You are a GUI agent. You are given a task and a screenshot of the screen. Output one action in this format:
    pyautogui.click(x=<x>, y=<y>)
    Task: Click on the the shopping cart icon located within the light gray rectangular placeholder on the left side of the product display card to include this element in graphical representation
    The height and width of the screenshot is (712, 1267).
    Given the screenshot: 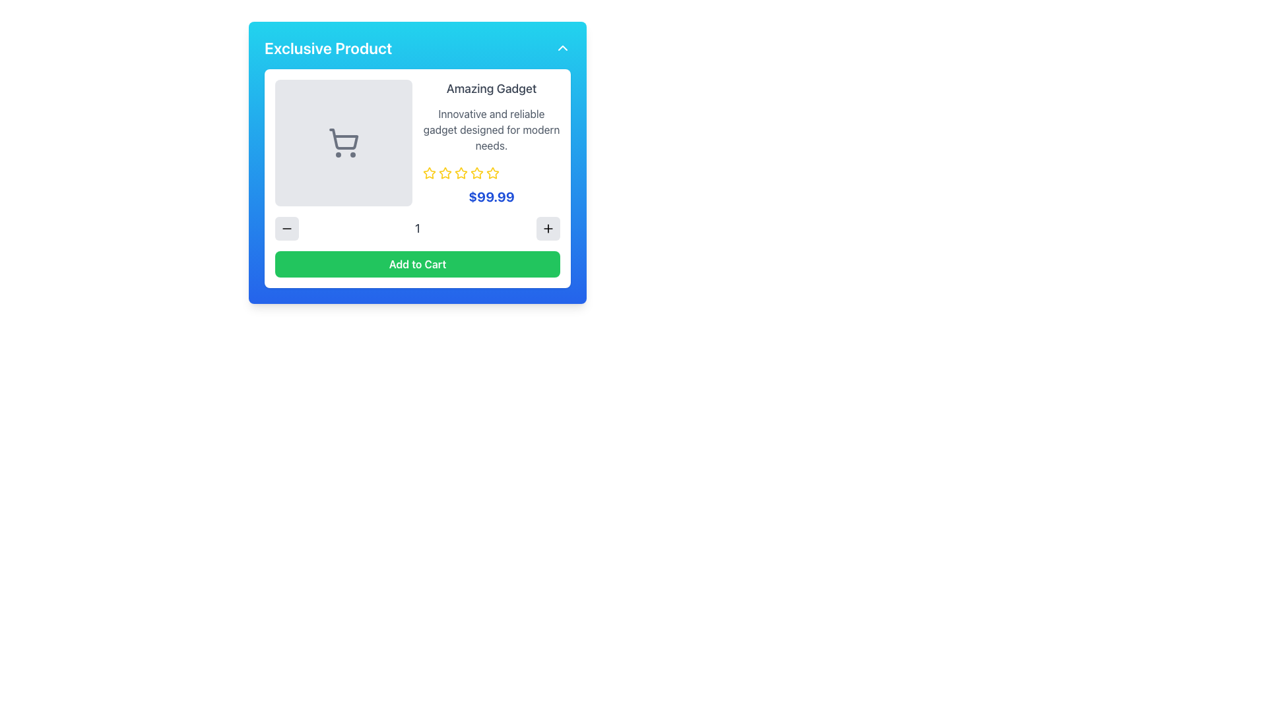 What is the action you would take?
    pyautogui.click(x=344, y=142)
    